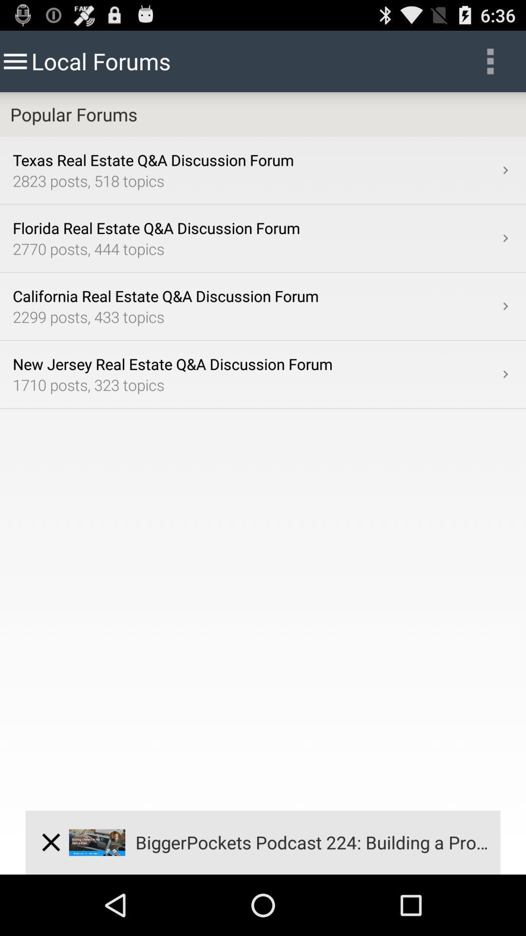 The height and width of the screenshot is (936, 526). Describe the element at coordinates (255, 316) in the screenshot. I see `the 2299 posts 433 icon` at that location.